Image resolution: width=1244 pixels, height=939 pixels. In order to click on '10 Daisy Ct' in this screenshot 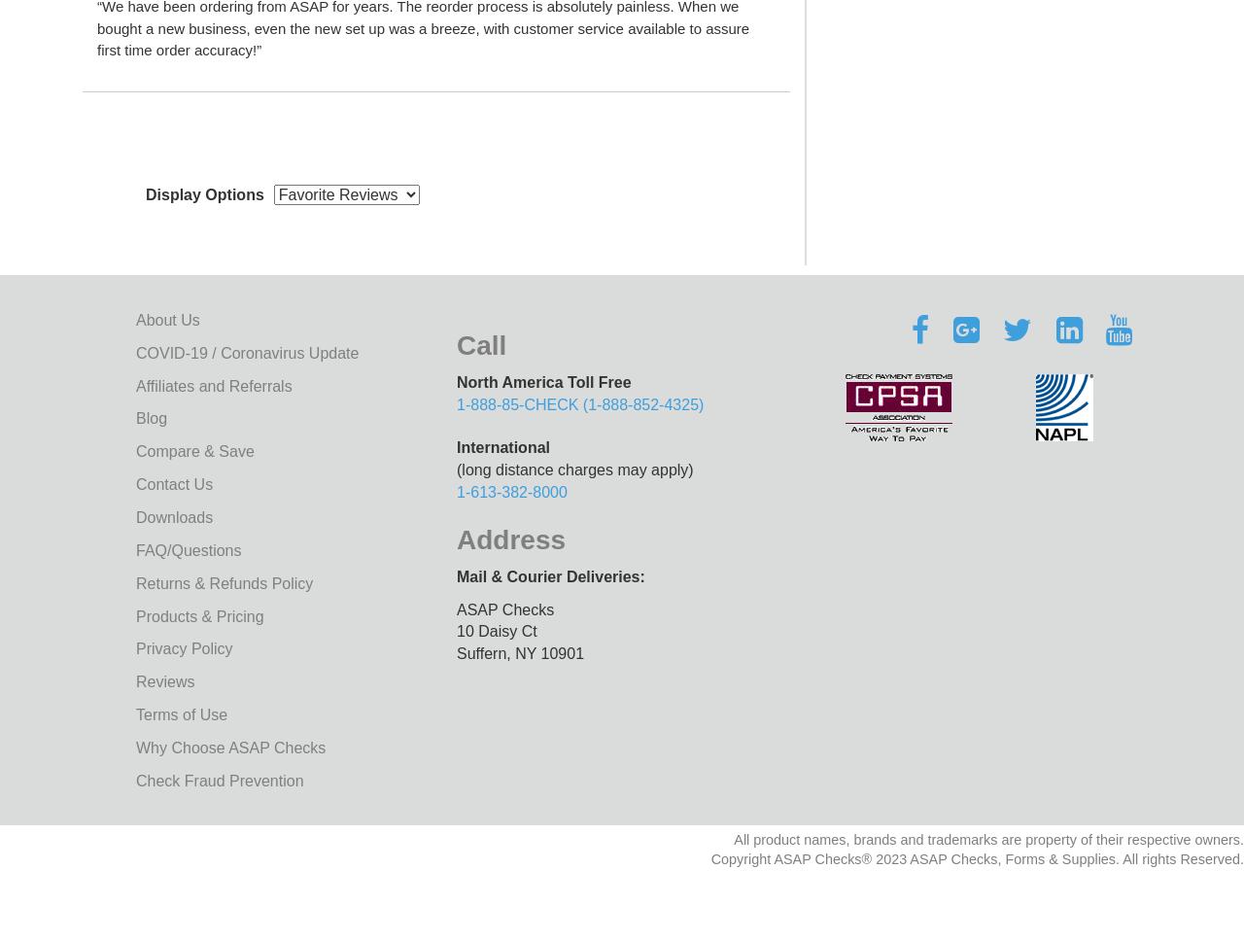, I will do `click(496, 630)`.